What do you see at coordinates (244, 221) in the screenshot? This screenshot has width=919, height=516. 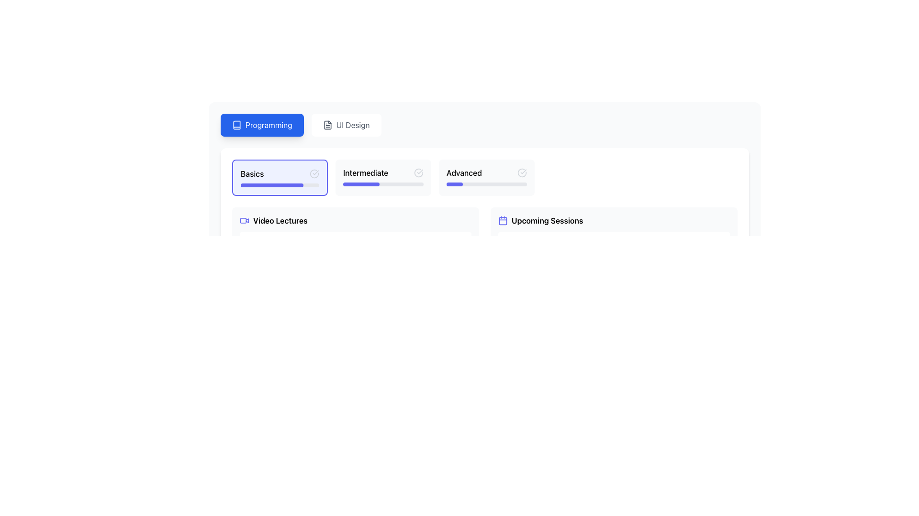 I see `the video icon which is styled in dark-indigo on a white background, located to the left of the 'Video Lectures' text in the first card-like section of the UI` at bounding box center [244, 221].